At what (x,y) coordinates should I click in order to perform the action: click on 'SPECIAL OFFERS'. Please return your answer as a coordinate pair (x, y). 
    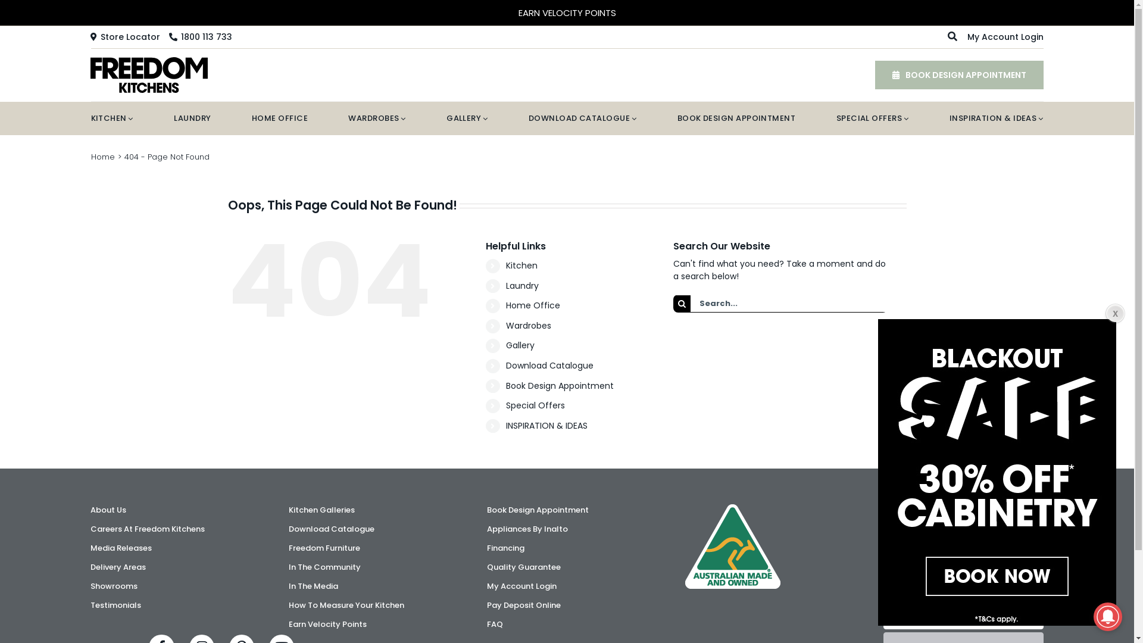
    Looking at the image, I should click on (872, 118).